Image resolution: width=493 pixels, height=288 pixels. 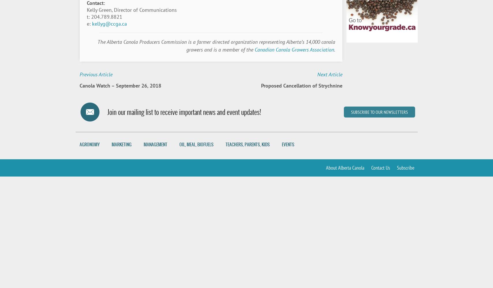 What do you see at coordinates (120, 86) in the screenshot?
I see `'Canola Watch – September 26, 2018'` at bounding box center [120, 86].